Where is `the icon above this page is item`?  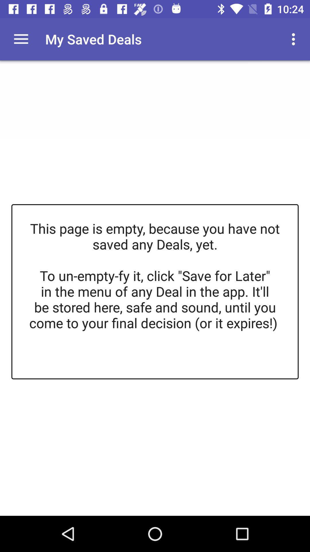
the icon above this page is item is located at coordinates (21, 39).